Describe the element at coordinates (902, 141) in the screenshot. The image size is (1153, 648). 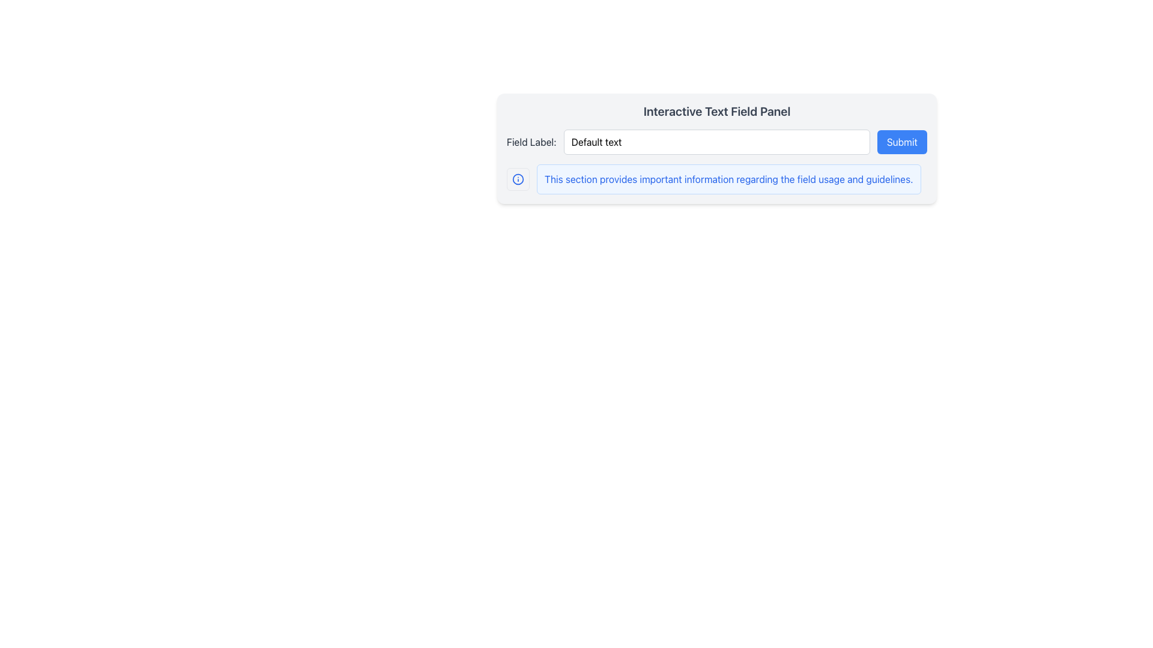
I see `the 'Submit' button, which is a rectangular button with rounded corners, blue background, and white text, located at the far right of the row following the label 'Field Label:' and an input field` at that location.